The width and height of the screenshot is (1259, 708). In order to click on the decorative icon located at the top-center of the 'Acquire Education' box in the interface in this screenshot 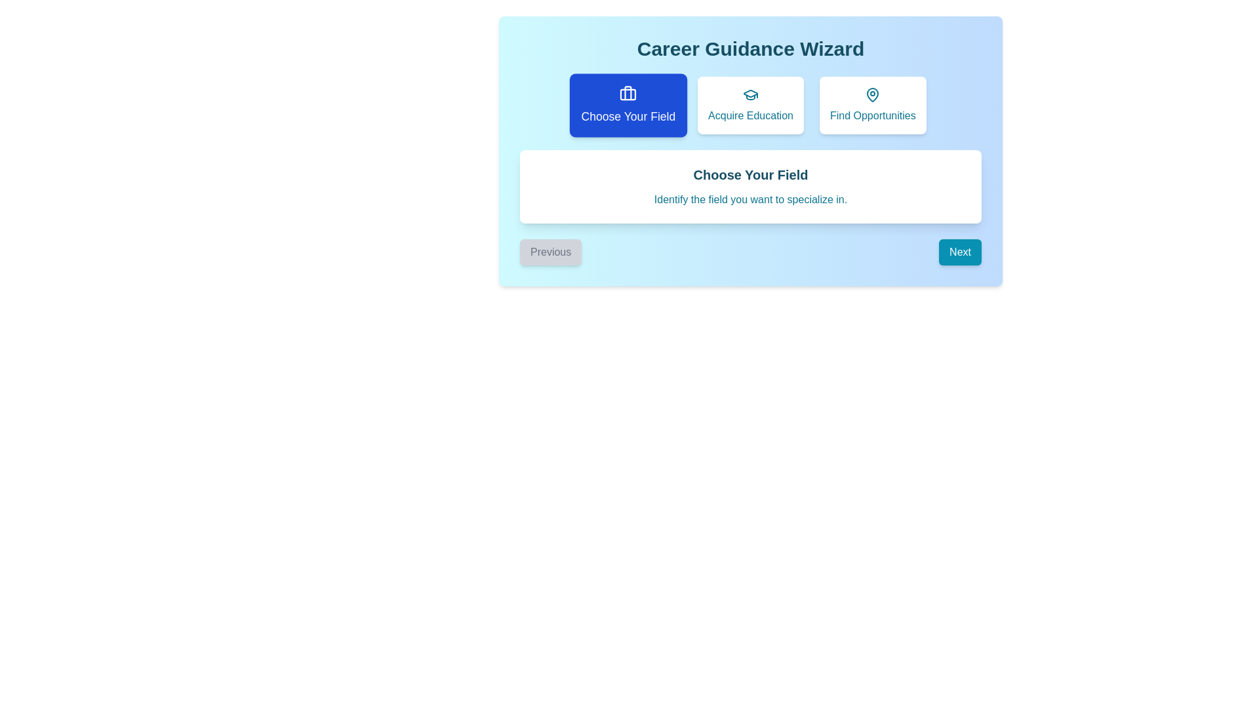, I will do `click(751, 92)`.